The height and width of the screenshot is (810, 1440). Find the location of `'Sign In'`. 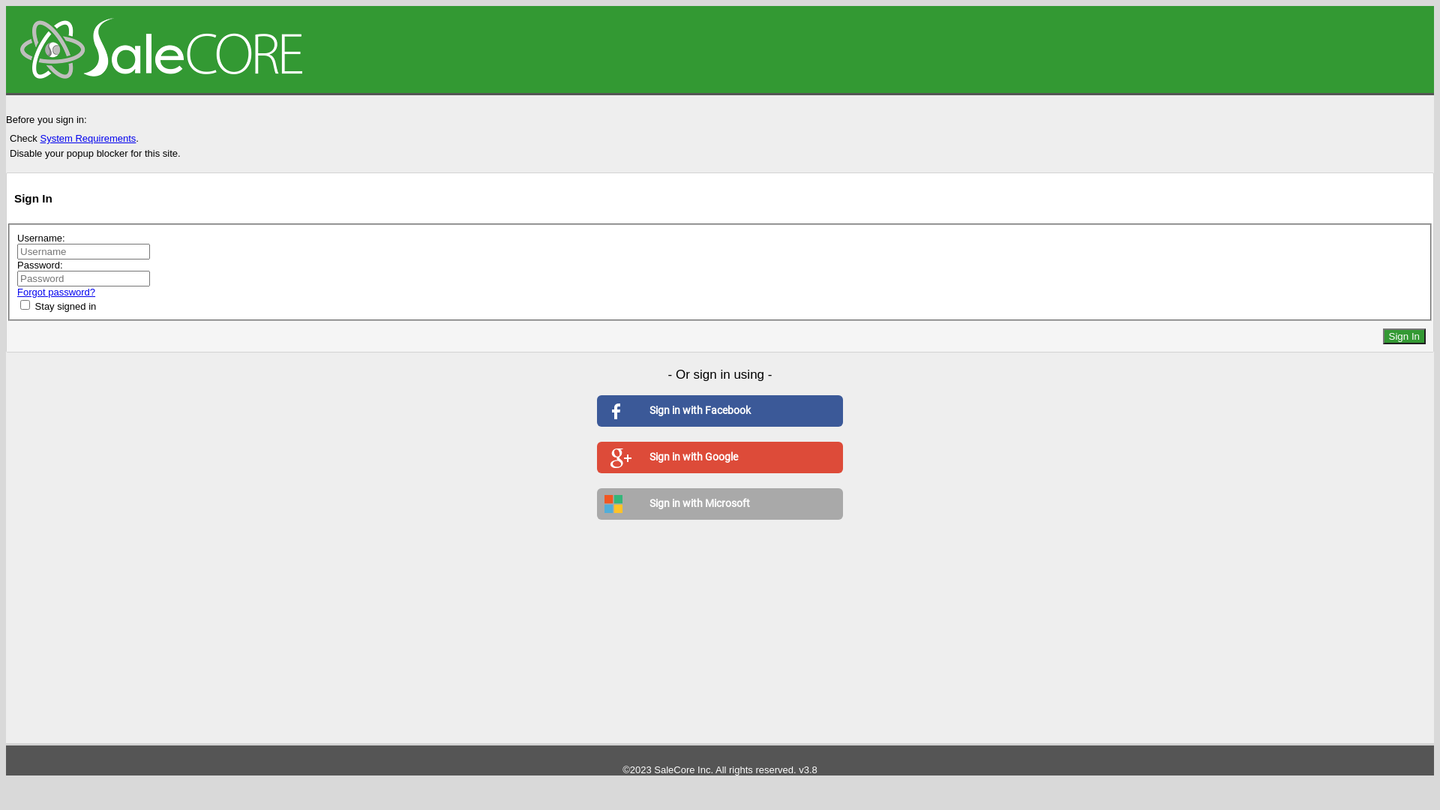

'Sign In' is located at coordinates (1381, 335).